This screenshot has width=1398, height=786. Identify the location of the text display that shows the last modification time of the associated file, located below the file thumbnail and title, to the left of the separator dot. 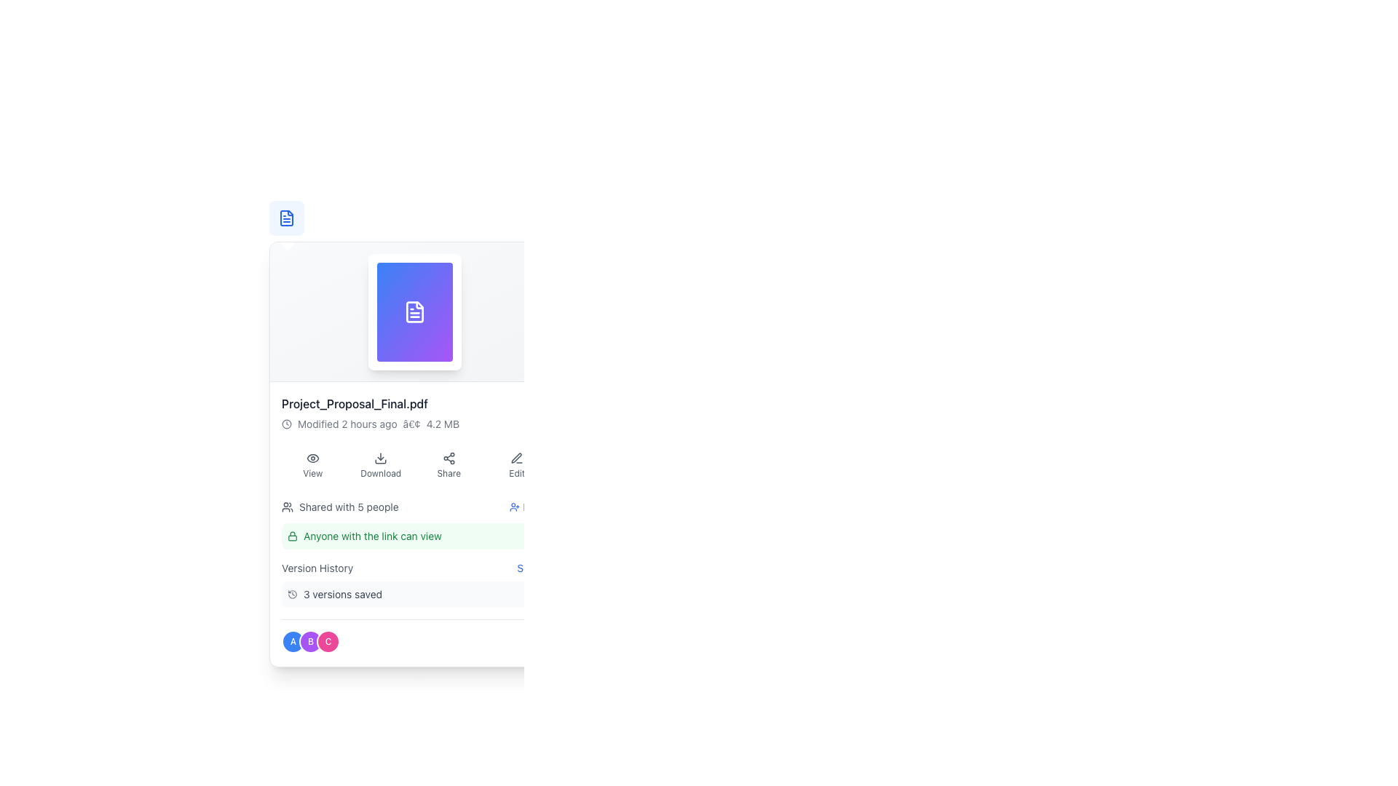
(347, 424).